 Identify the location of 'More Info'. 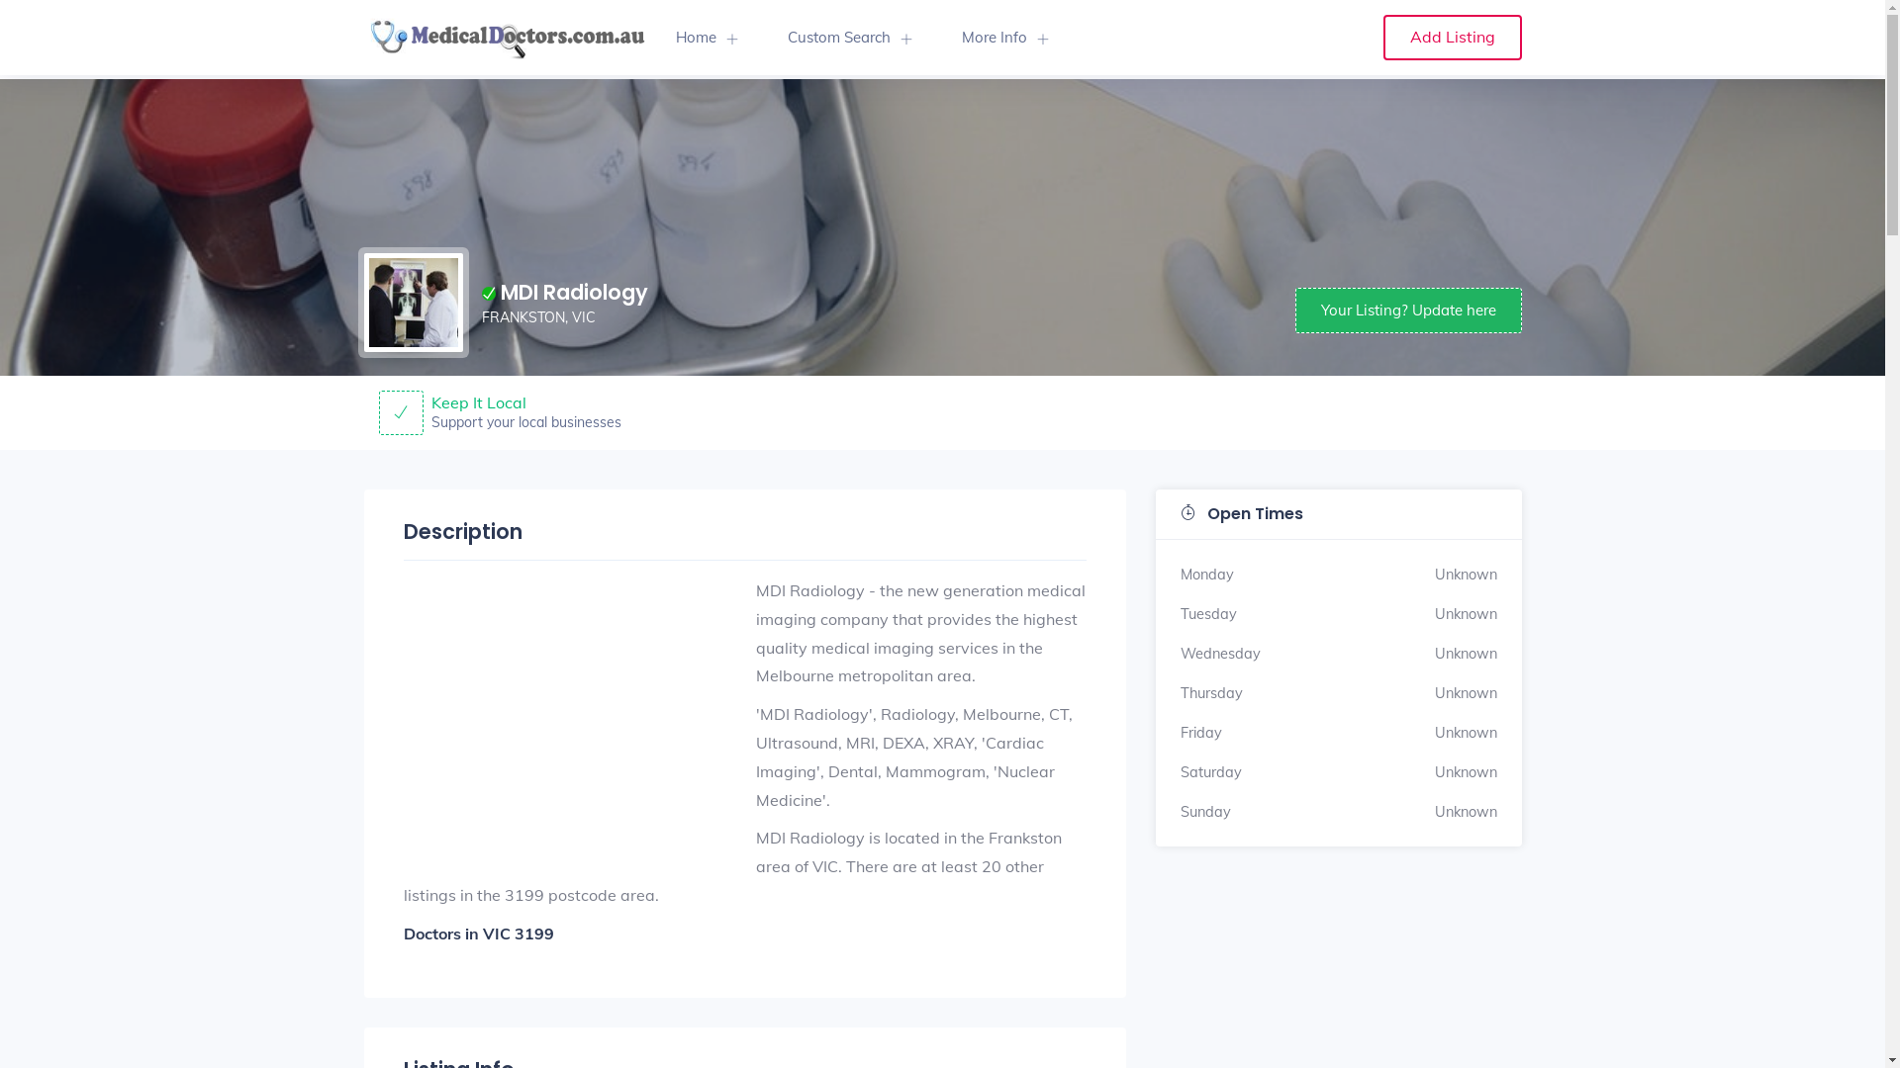
(934, 38).